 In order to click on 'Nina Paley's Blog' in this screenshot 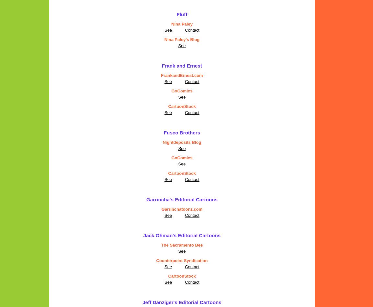, I will do `click(182, 39)`.